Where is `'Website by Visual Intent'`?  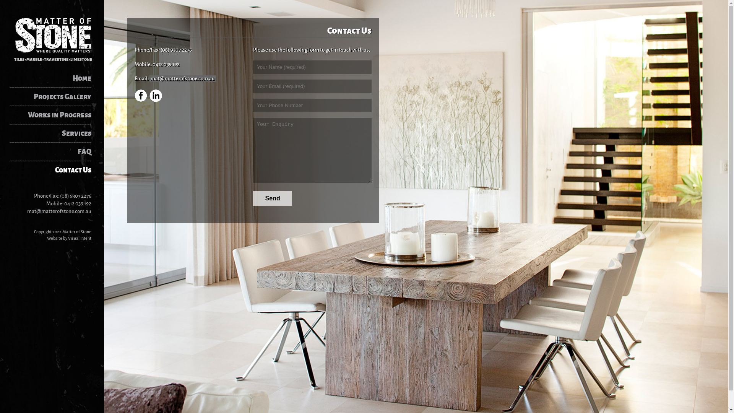 'Website by Visual Intent' is located at coordinates (69, 237).